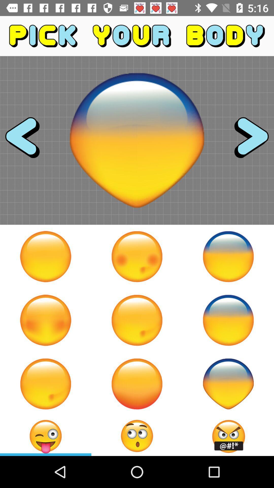 This screenshot has width=274, height=488. I want to click on emoji, so click(46, 436).